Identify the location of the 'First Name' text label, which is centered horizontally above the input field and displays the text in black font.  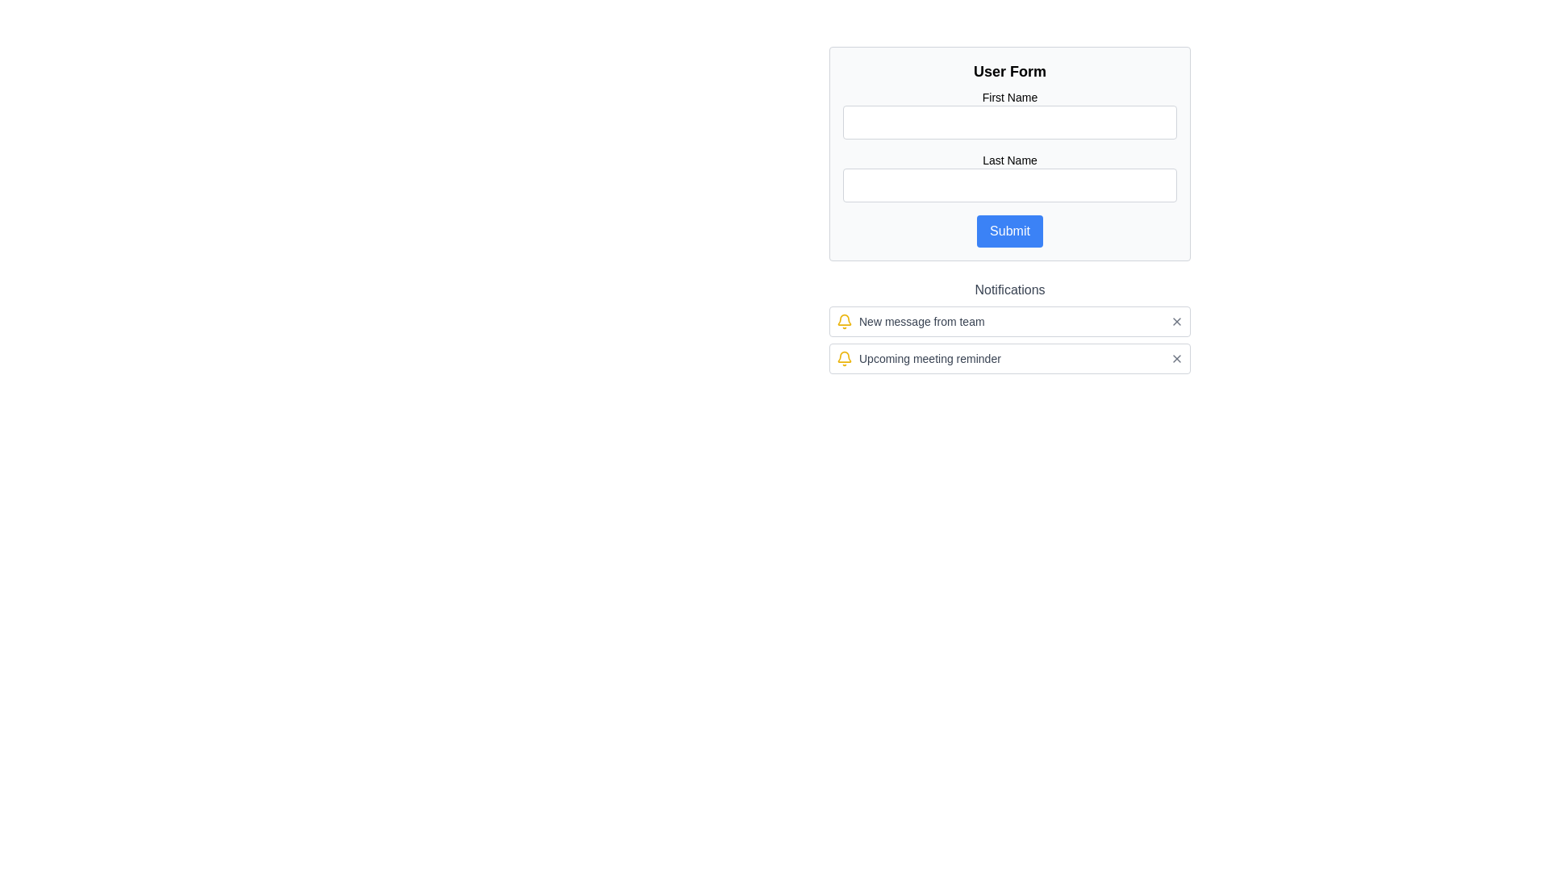
(1009, 97).